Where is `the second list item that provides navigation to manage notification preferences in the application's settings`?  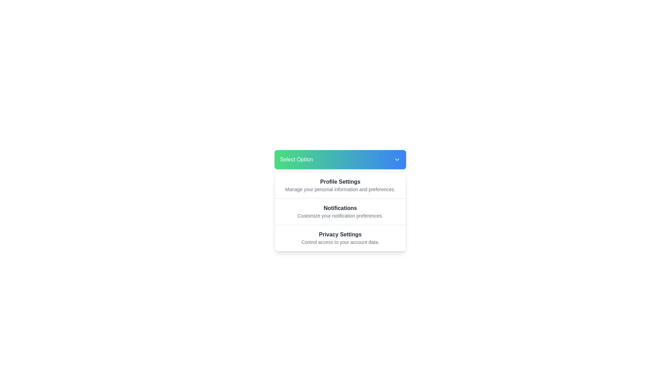 the second list item that provides navigation to manage notification preferences in the application's settings is located at coordinates (340, 211).